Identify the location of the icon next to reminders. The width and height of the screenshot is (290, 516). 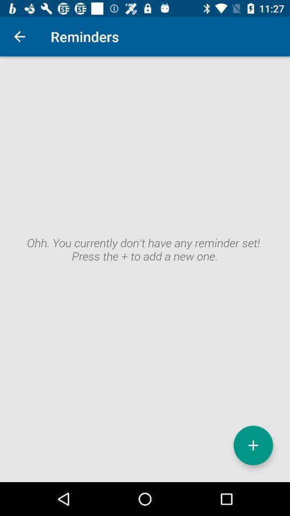
(19, 37).